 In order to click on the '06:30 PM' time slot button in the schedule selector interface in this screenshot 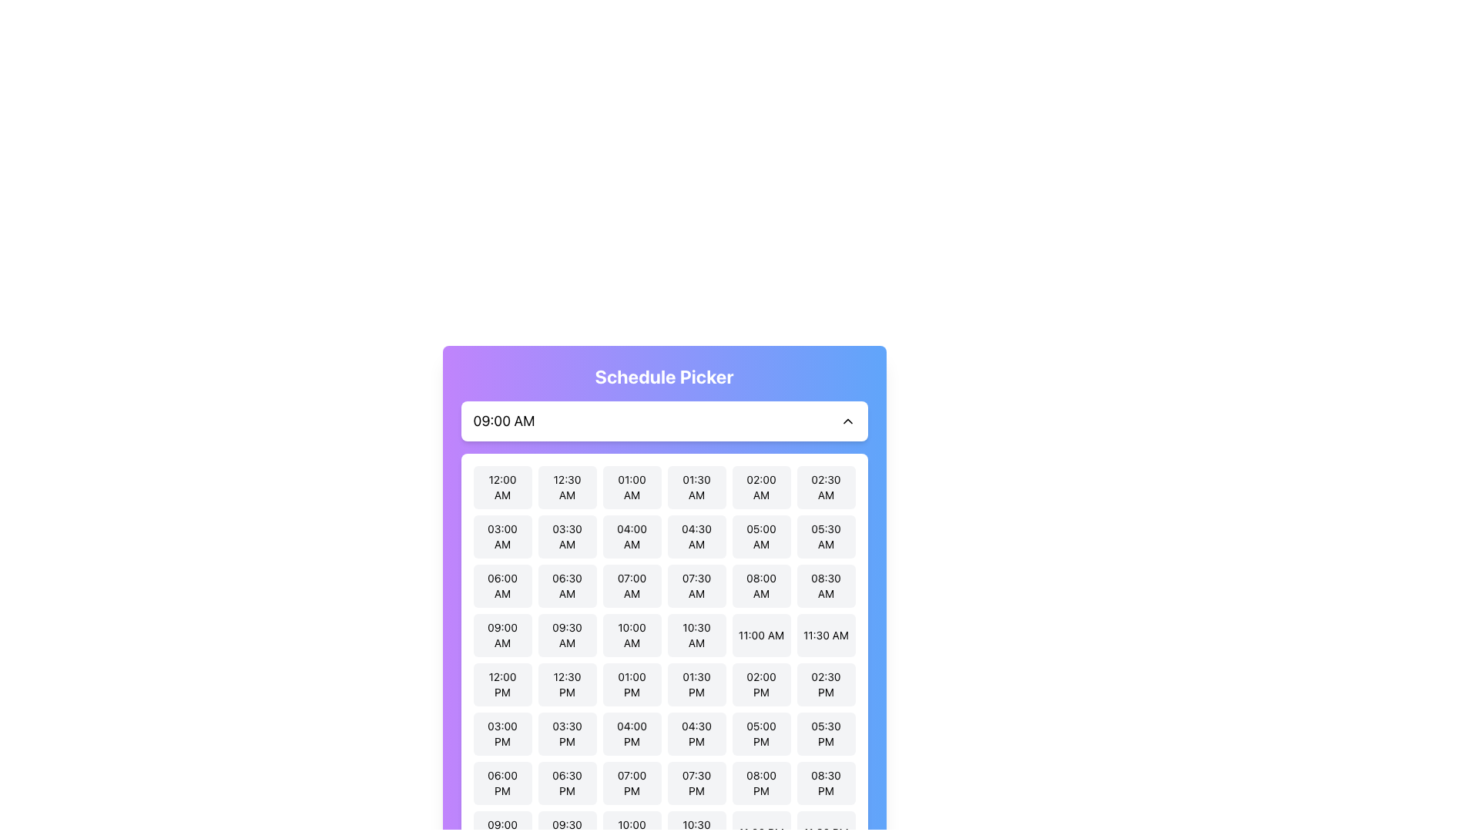, I will do `click(566, 783)`.